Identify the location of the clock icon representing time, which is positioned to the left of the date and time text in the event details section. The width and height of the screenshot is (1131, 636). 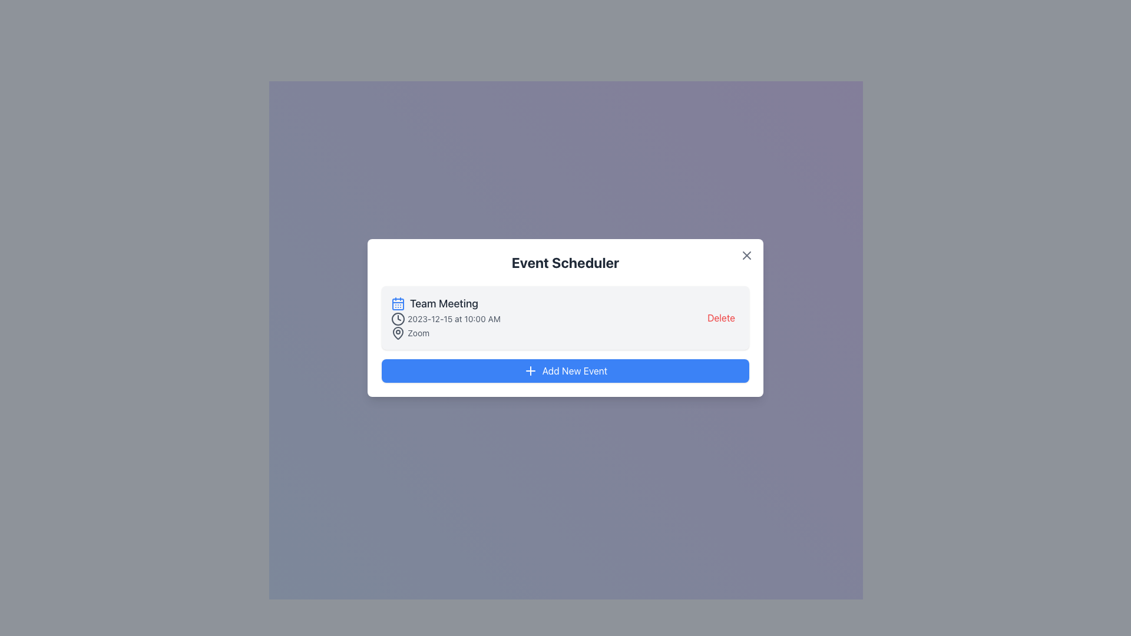
(398, 319).